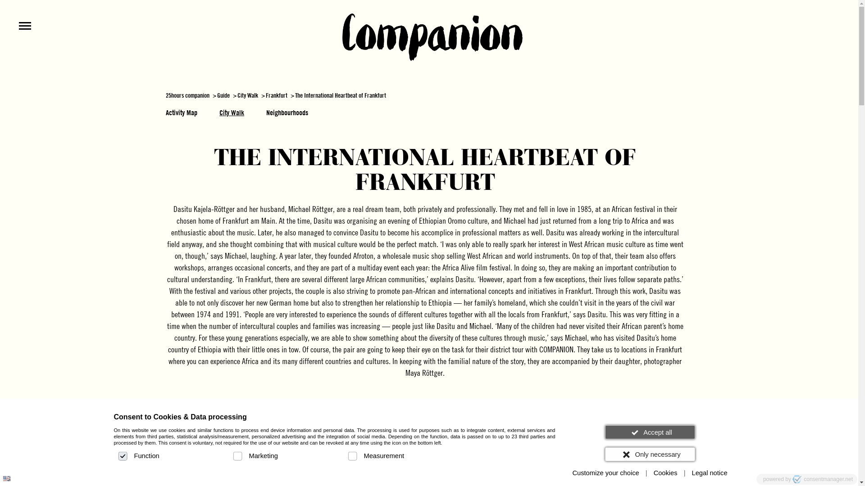 The height and width of the screenshot is (486, 865). Describe the element at coordinates (166, 95) in the screenshot. I see `'25hours companion'` at that location.